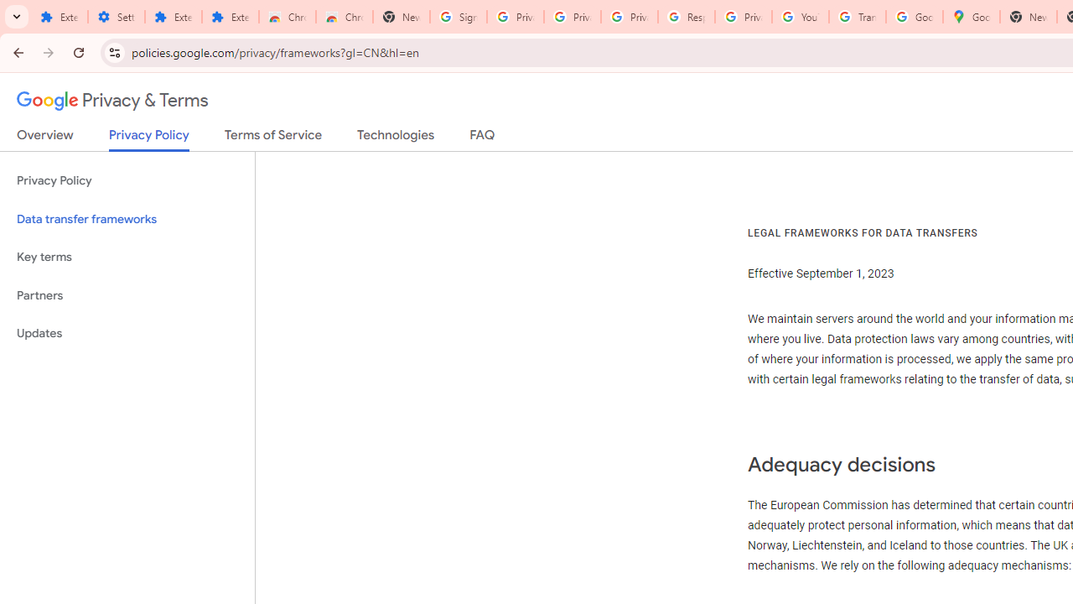 Image resolution: width=1073 pixels, height=604 pixels. I want to click on 'Chrome Web Store - Themes', so click(344, 17).